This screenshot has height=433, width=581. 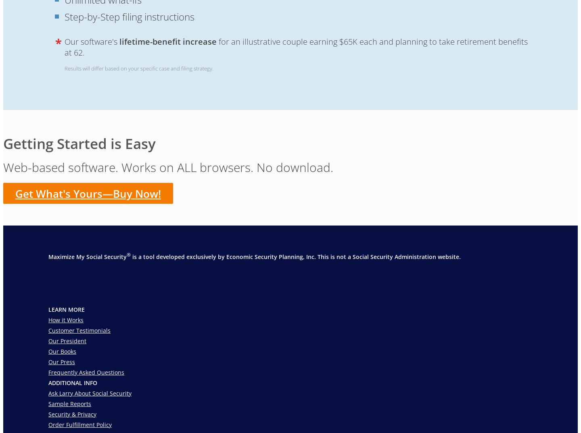 What do you see at coordinates (67, 341) in the screenshot?
I see `'Our President'` at bounding box center [67, 341].